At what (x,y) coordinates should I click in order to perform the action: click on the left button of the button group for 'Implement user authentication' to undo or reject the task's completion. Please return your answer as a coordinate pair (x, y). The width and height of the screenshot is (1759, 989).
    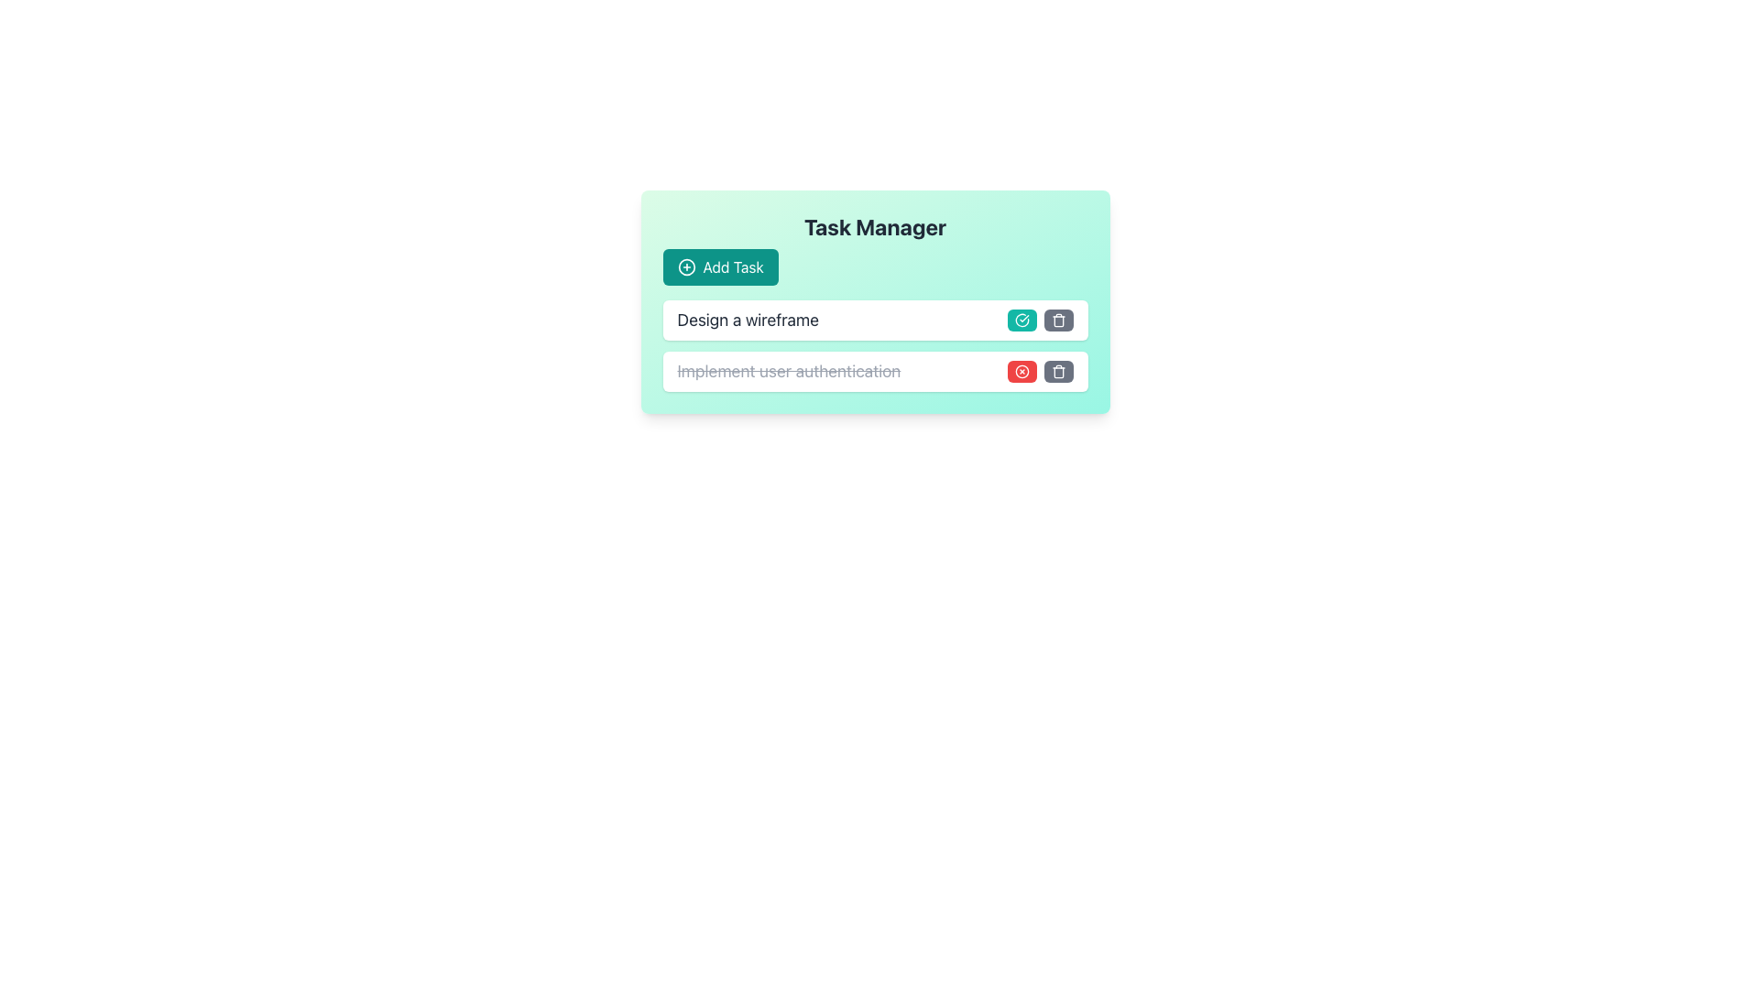
    Looking at the image, I should click on (1040, 371).